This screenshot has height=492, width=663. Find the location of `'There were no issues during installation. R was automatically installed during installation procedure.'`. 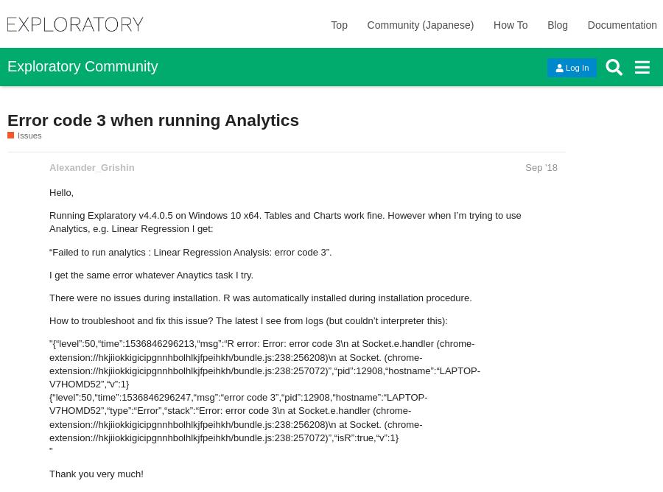

'There were no issues during installation. R was automatically installed during installation procedure.' is located at coordinates (260, 298).